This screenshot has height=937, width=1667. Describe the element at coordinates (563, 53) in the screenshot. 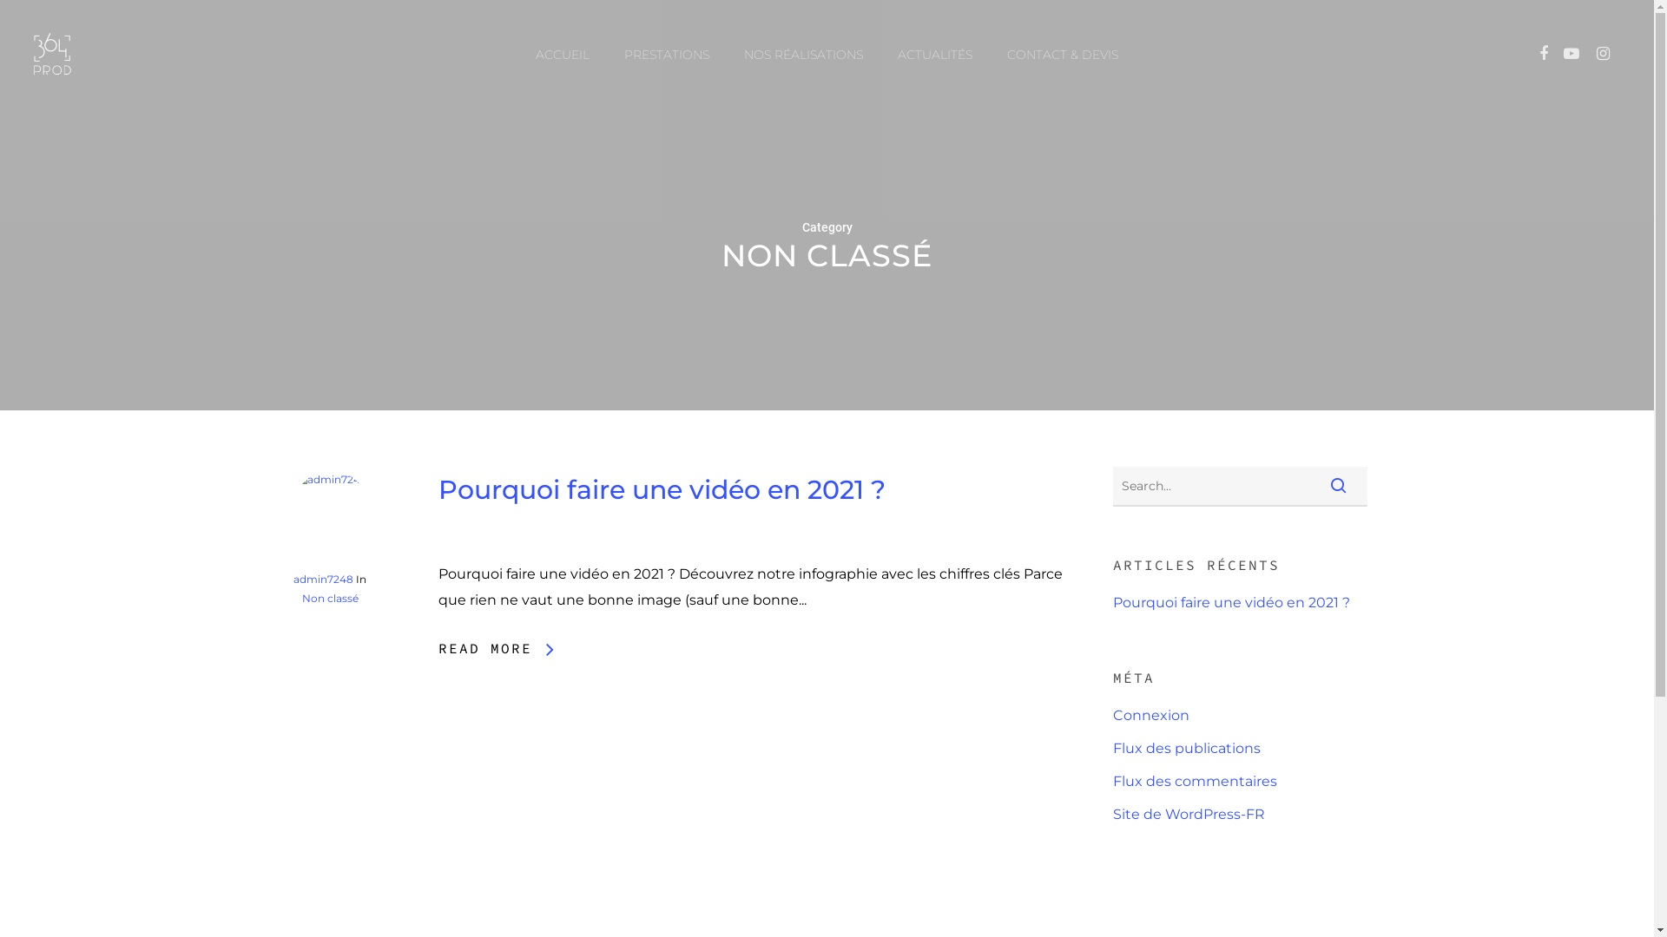

I see `'ACCUEIL'` at that location.